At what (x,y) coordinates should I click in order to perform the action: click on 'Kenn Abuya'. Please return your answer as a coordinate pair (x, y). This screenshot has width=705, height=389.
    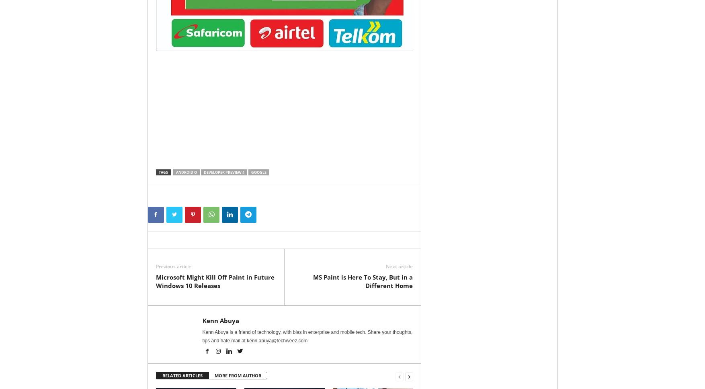
    Looking at the image, I should click on (220, 320).